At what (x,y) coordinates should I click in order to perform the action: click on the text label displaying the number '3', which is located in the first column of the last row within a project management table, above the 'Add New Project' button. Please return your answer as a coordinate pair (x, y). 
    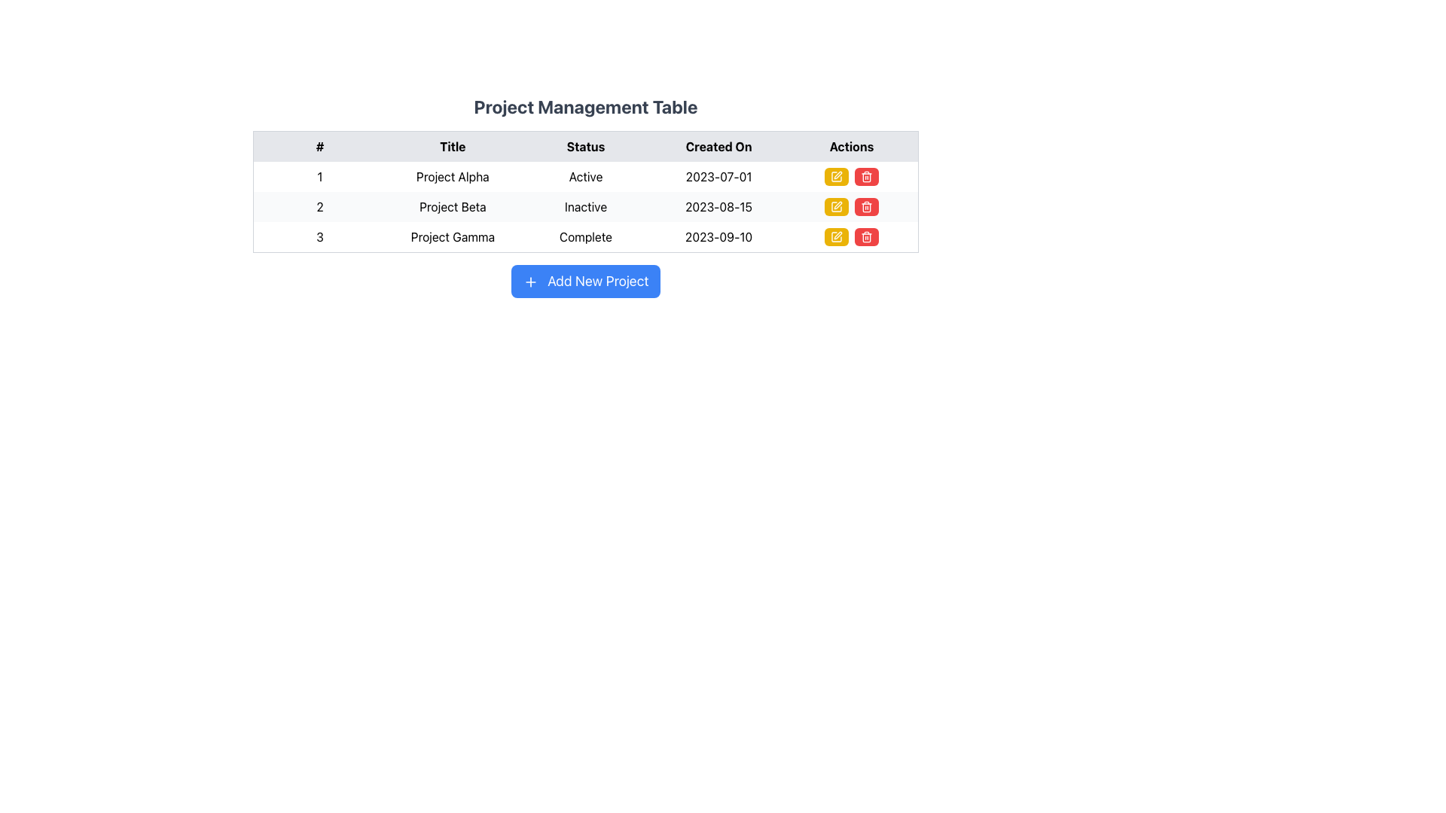
    Looking at the image, I should click on (319, 237).